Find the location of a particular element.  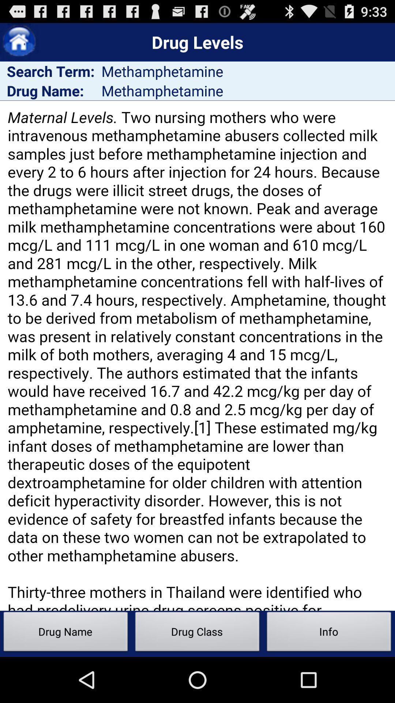

the home icon is located at coordinates (19, 45).